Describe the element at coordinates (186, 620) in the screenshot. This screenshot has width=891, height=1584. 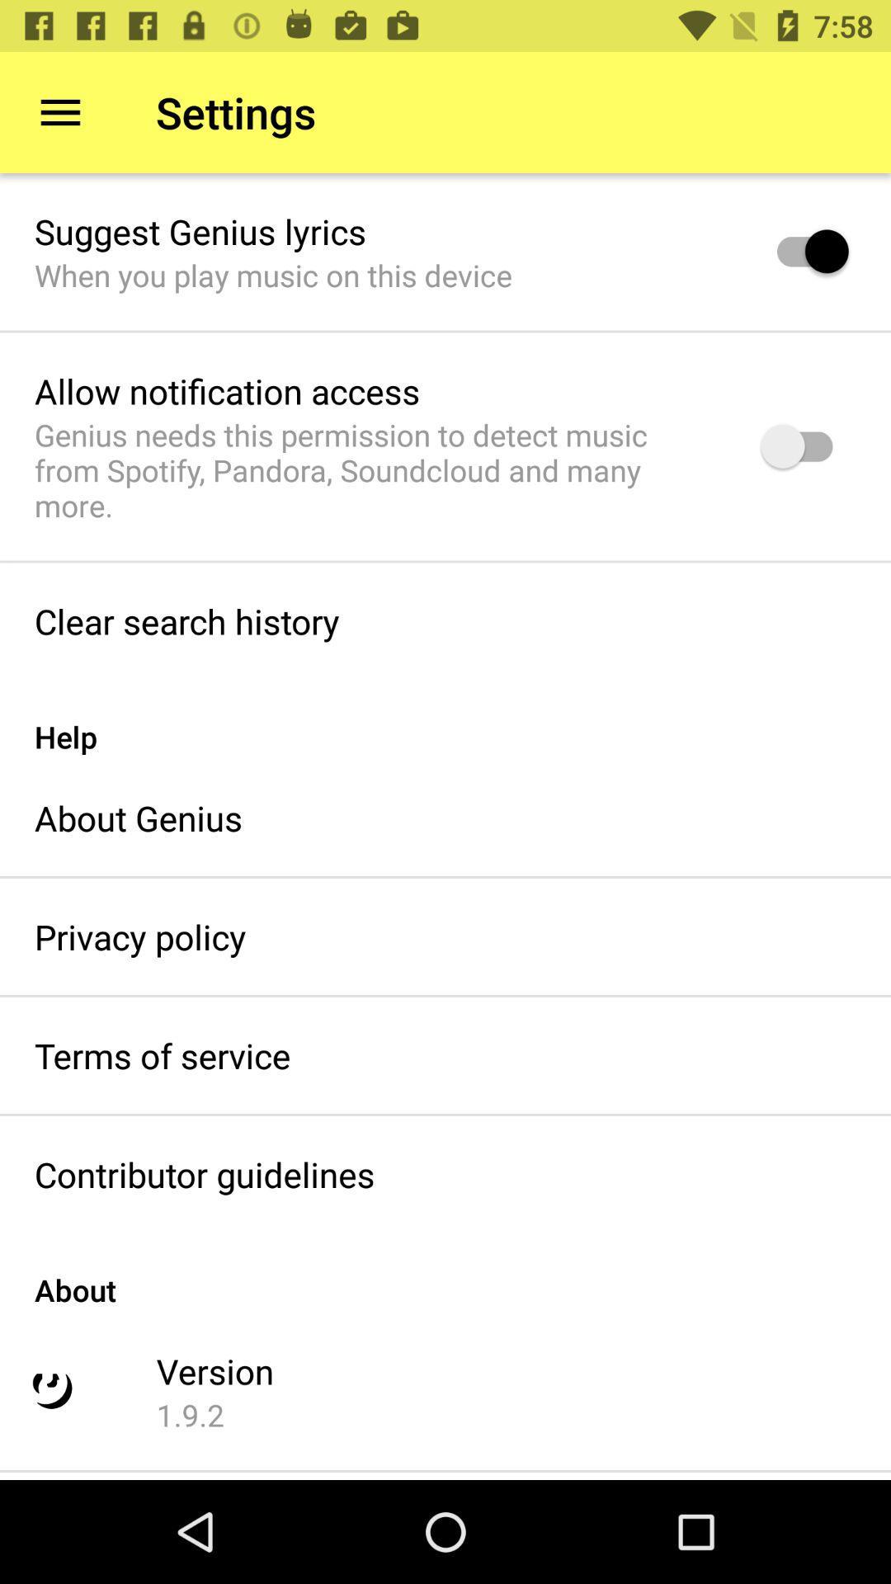
I see `the item above the help icon` at that location.